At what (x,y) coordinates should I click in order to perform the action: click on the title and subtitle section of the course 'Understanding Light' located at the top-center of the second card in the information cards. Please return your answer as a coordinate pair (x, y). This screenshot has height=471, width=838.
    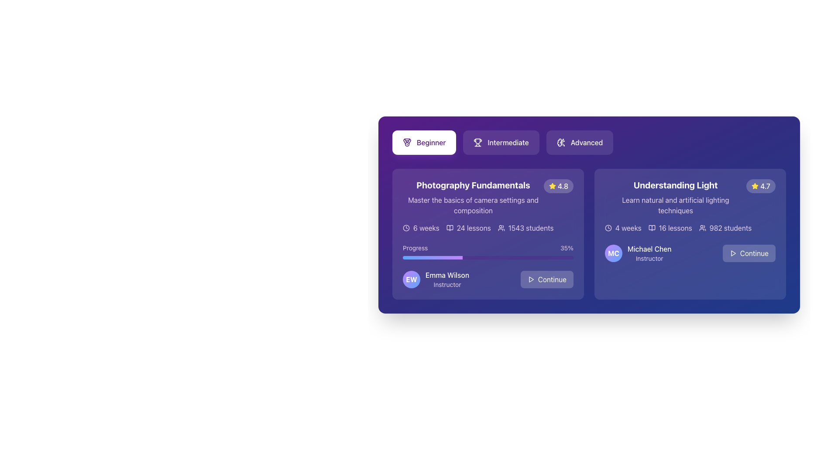
    Looking at the image, I should click on (675, 197).